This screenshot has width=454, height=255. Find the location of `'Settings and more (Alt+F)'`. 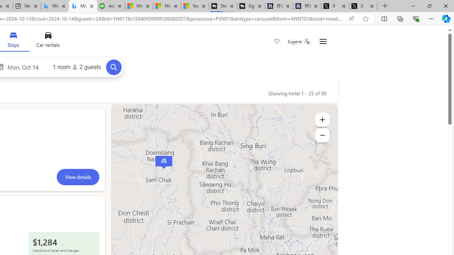

'Settings and more (Alt+F)' is located at coordinates (431, 18).